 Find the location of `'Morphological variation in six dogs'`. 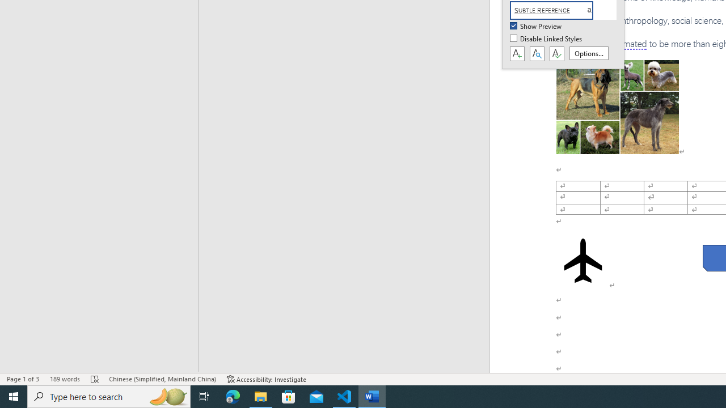

'Morphological variation in six dogs' is located at coordinates (617, 107).